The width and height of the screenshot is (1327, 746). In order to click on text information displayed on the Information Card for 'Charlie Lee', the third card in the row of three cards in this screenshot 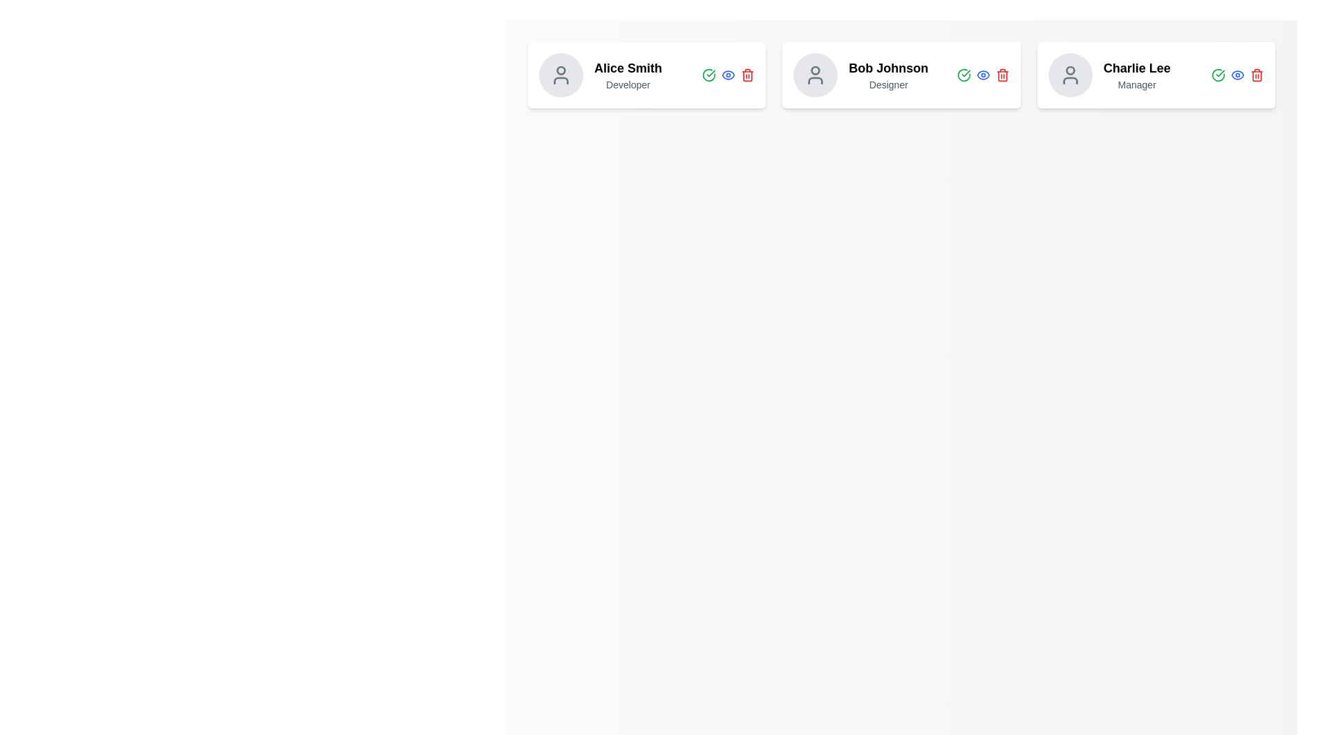, I will do `click(1156, 75)`.